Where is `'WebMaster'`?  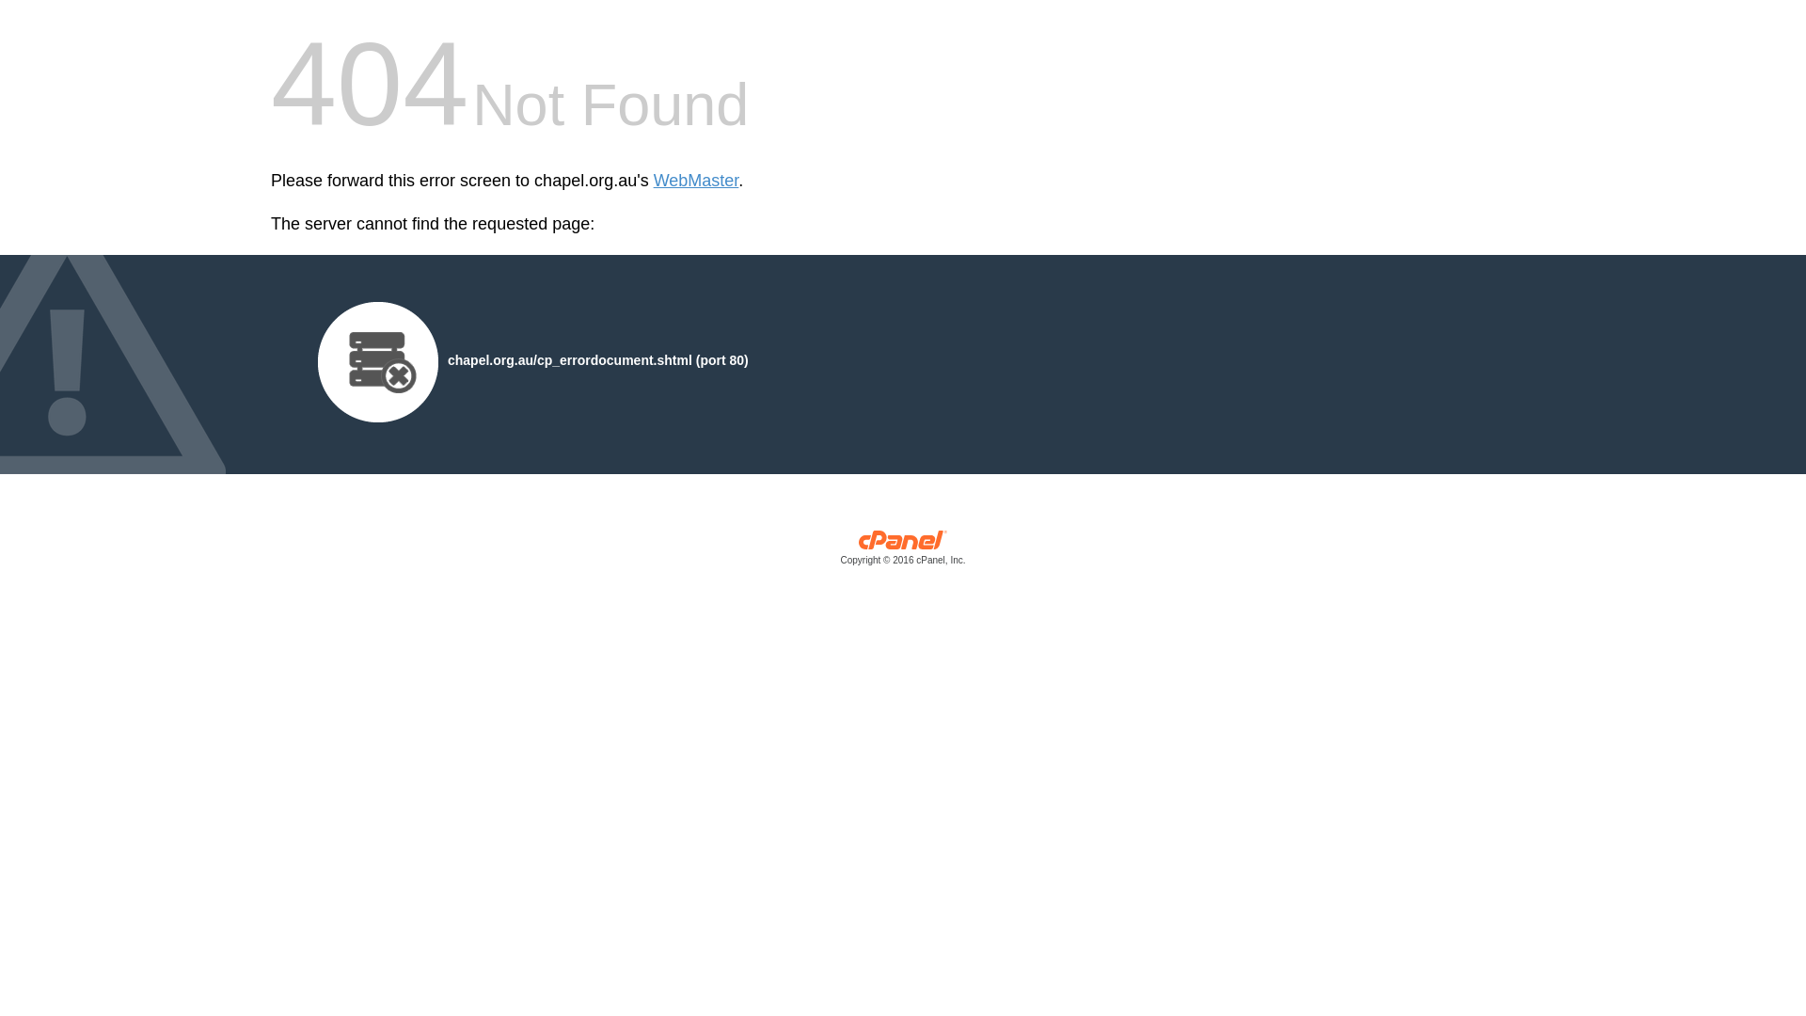
'WebMaster' is located at coordinates (695, 181).